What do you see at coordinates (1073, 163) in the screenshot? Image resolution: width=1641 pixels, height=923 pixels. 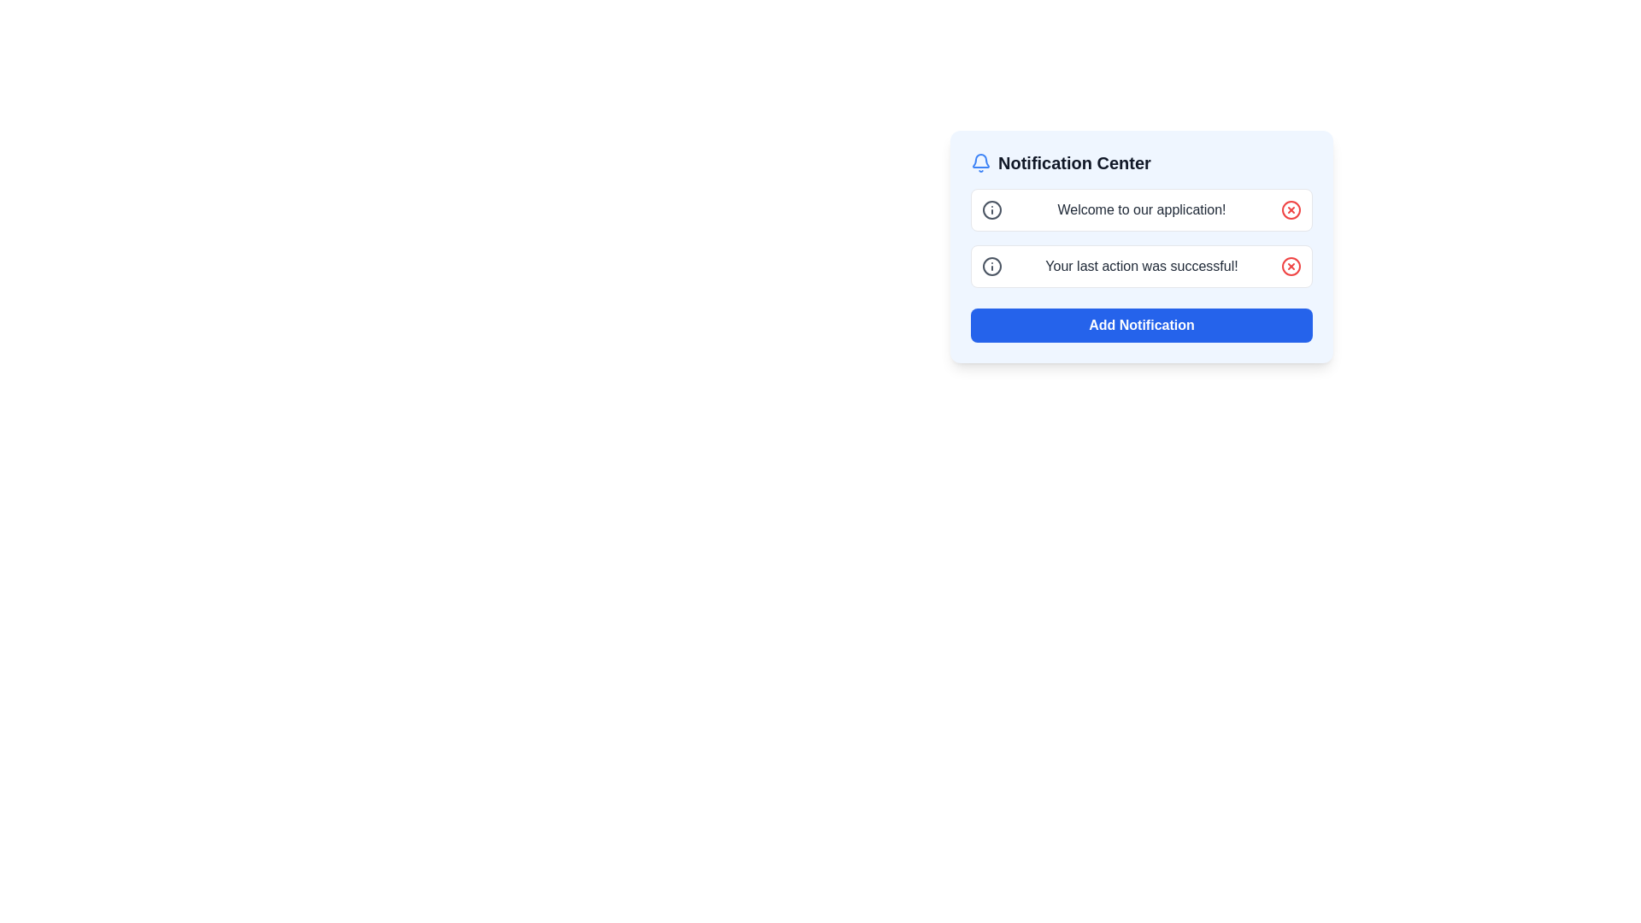 I see `the Label or Text Header that serves as the title for the notification section, located in the top-middle region of the card` at bounding box center [1073, 163].